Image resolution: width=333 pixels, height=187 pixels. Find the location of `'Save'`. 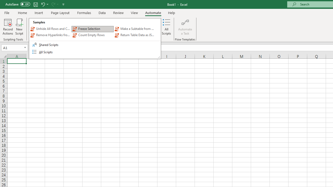

'Save' is located at coordinates (35, 4).